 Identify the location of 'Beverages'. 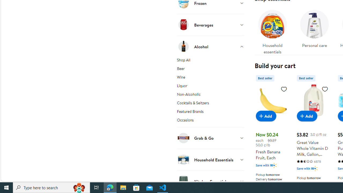
(210, 25).